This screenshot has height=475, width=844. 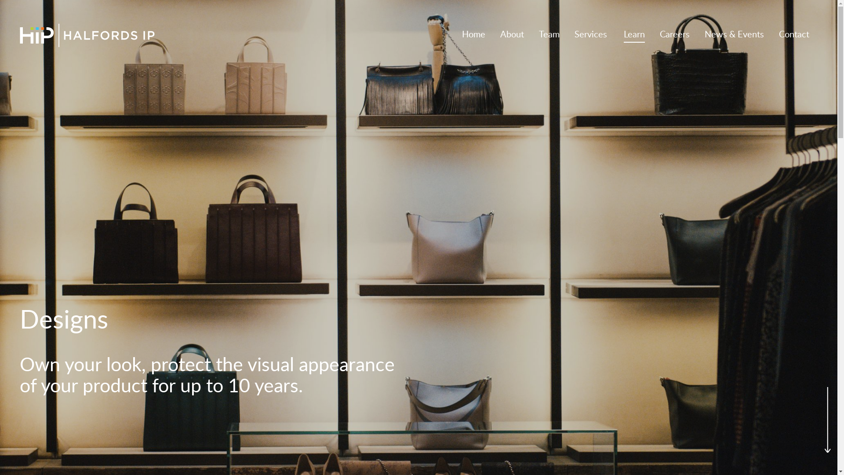 What do you see at coordinates (591, 35) in the screenshot?
I see `'Services'` at bounding box center [591, 35].